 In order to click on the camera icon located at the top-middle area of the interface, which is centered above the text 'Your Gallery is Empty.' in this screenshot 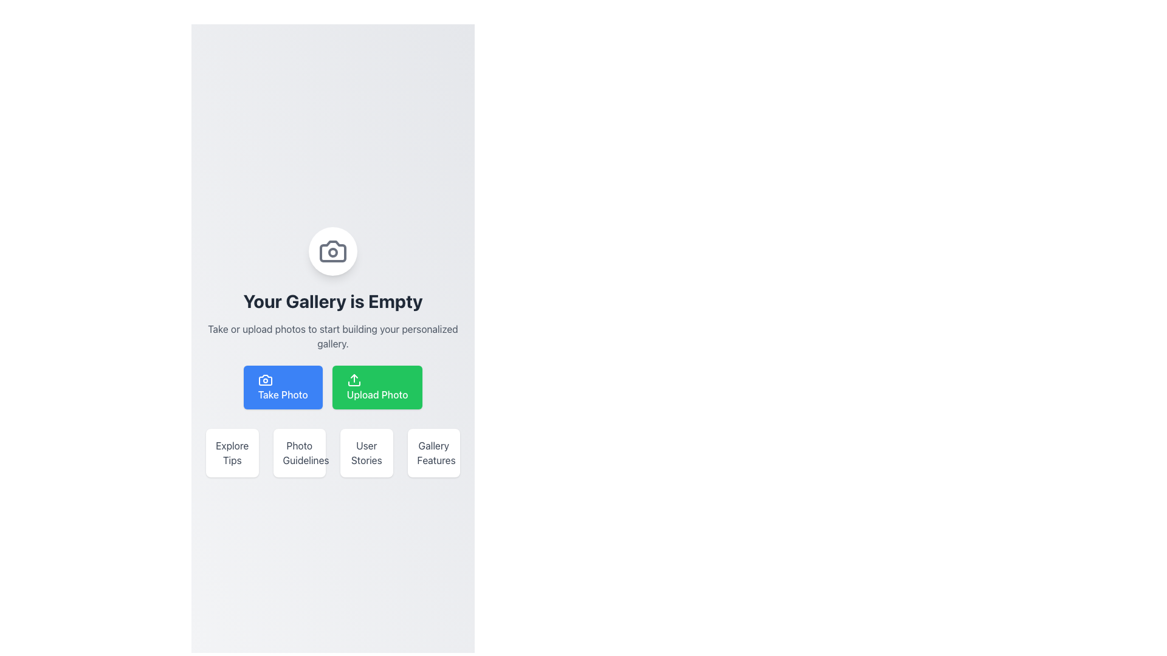, I will do `click(332, 250)`.